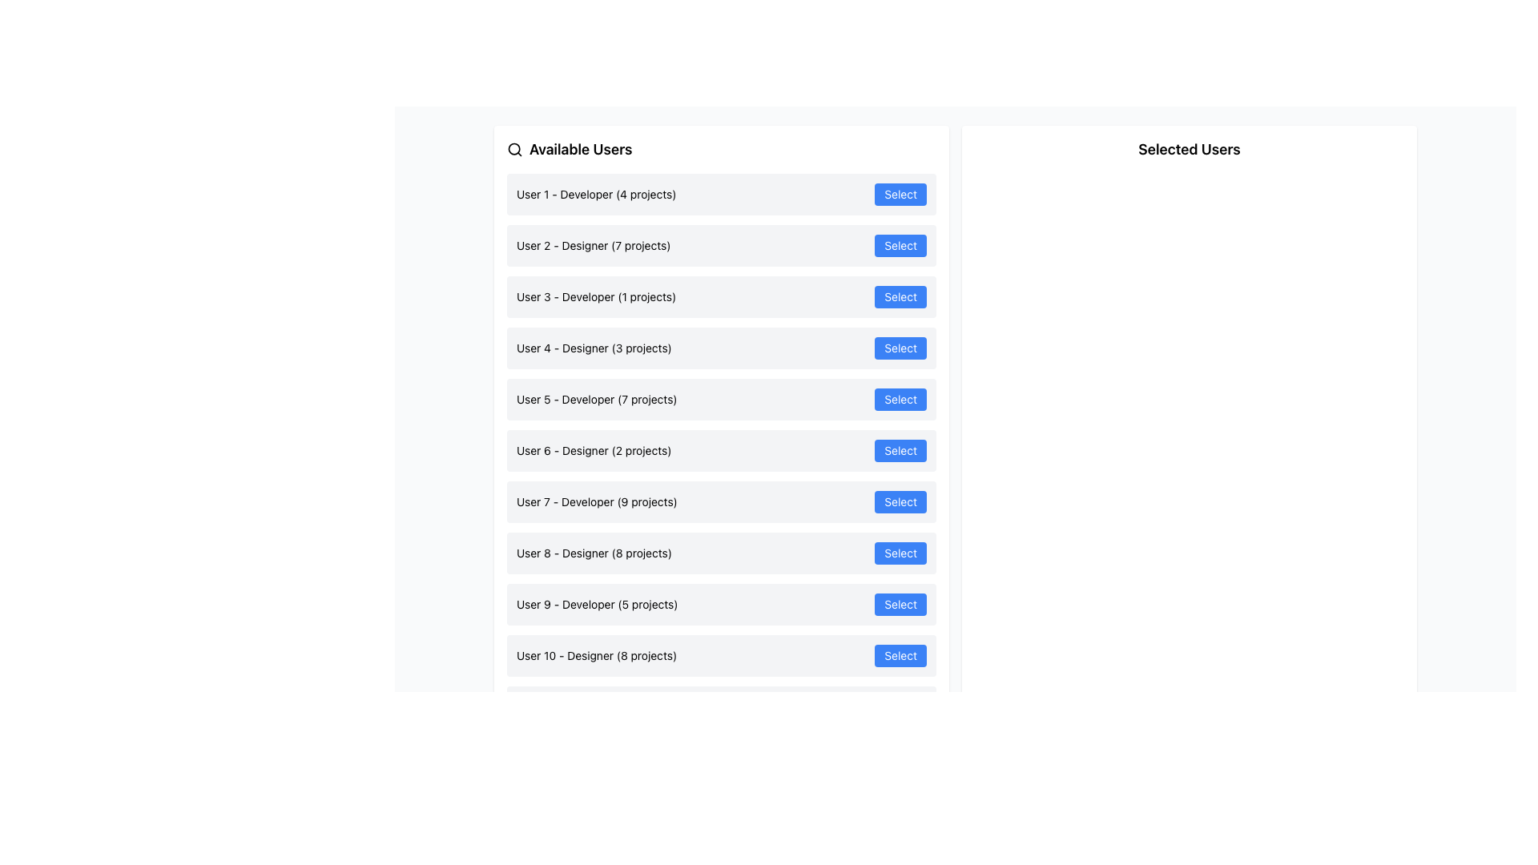 The image size is (1538, 865). I want to click on the static text displaying 'User 4 - Designer (3 projects)' in the fourth row of the 'Available Users' section, which is part of a list of user entries, so click(593, 348).